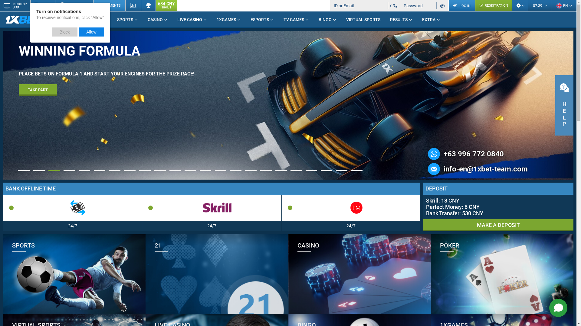  Describe the element at coordinates (498, 225) in the screenshot. I see `'MAKE A DEPOSIT'` at that location.